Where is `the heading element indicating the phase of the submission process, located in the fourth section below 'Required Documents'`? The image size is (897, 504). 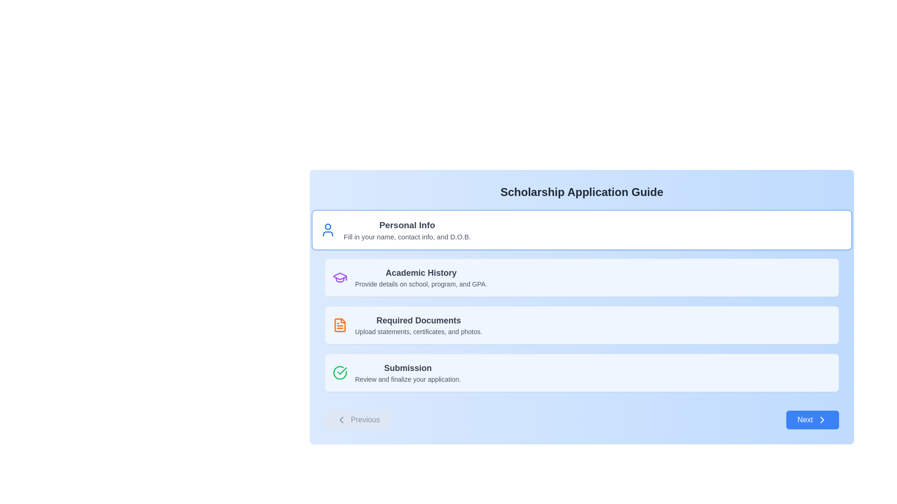 the heading element indicating the phase of the submission process, located in the fourth section below 'Required Documents' is located at coordinates (408, 368).